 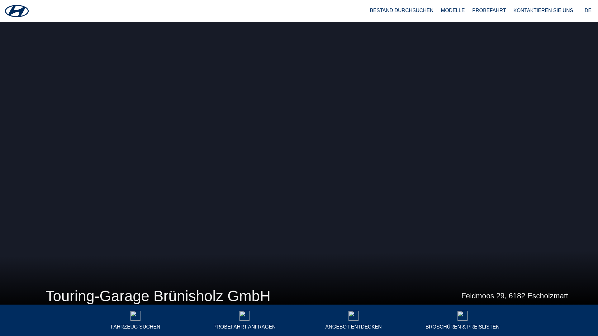 I want to click on 'ANGEBOT ENTDECKEN', so click(x=353, y=320).